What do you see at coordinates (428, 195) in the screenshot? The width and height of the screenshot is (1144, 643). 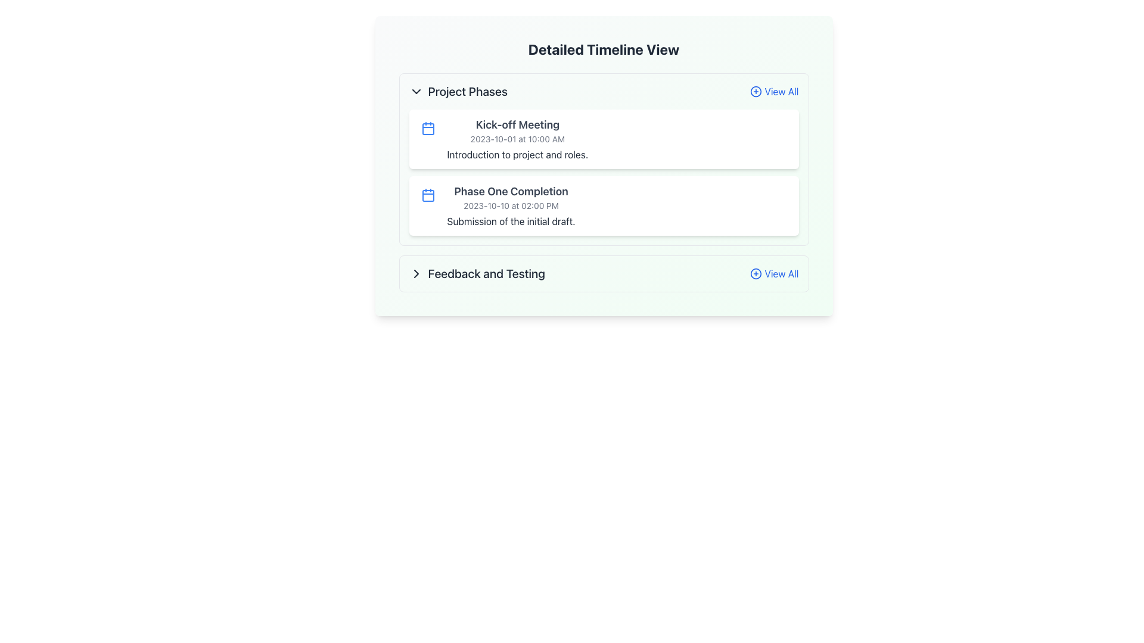 I see `the inner square of the calendar icon located in the second event card of the Project Phases section, next to the event title 'Phase One Completion.'` at bounding box center [428, 195].